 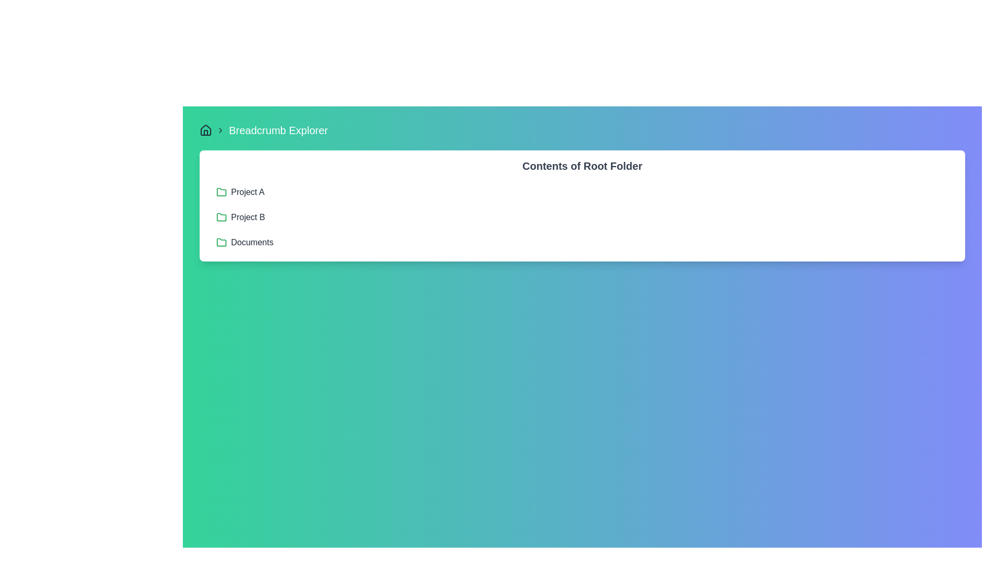 I want to click on the 'home' icon located at the top-left corner of the interface, adjacent to the text 'Breadcrumb Explorer', so click(x=206, y=129).